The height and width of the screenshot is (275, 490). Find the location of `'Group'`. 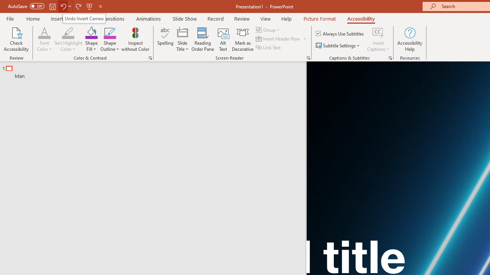

'Group' is located at coordinates (269, 29).